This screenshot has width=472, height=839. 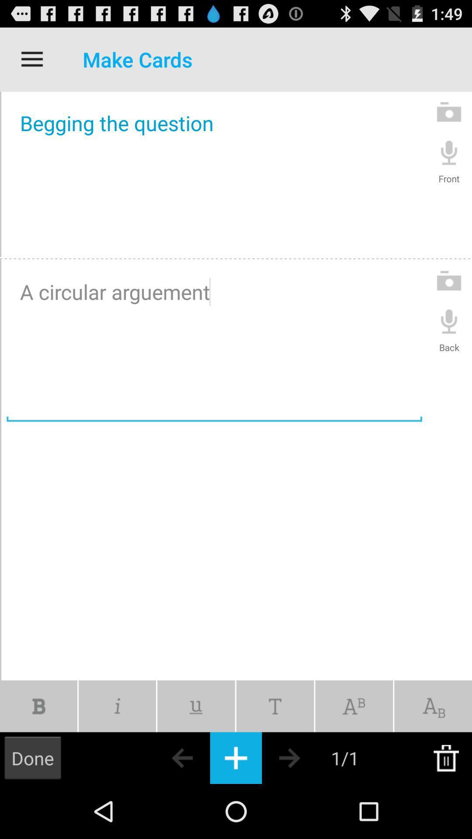 What do you see at coordinates (449, 152) in the screenshot?
I see `use microphone` at bounding box center [449, 152].